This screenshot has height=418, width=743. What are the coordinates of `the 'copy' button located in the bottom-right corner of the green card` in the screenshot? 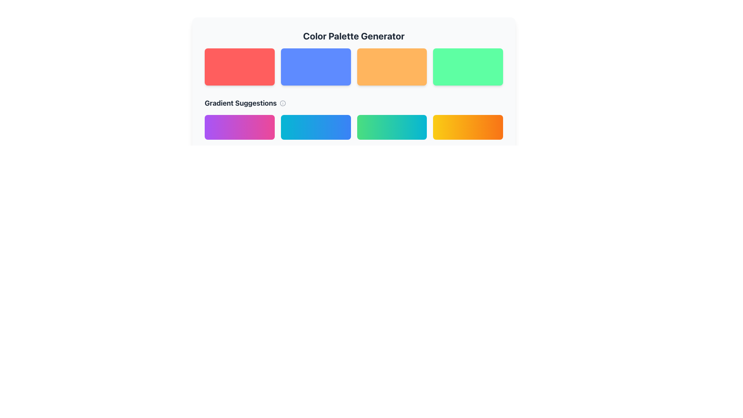 It's located at (484, 77).